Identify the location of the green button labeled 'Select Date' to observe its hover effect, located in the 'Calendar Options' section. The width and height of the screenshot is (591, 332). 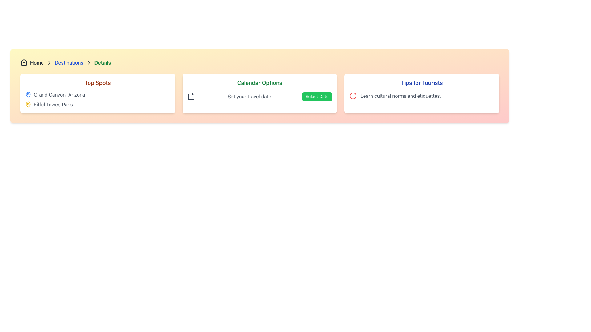
(317, 96).